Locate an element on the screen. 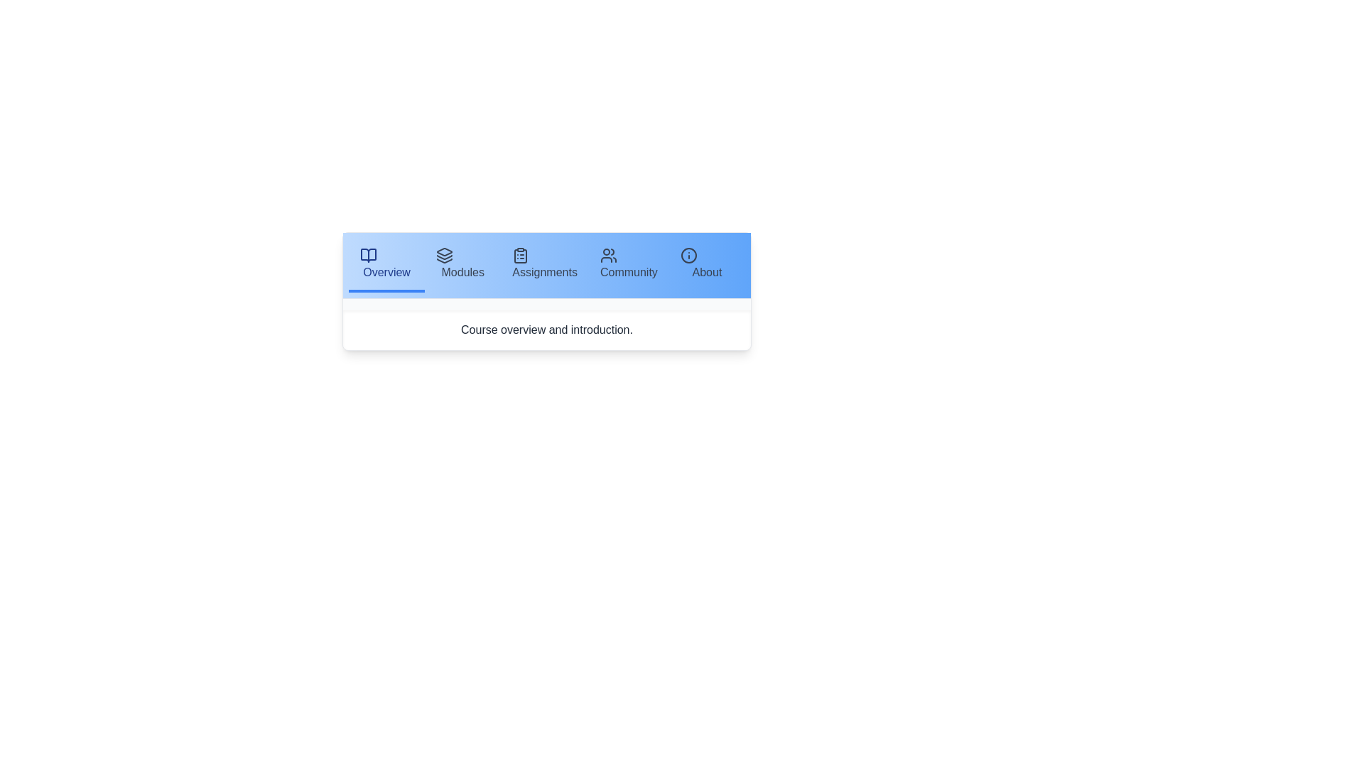  the 'Assignments' icon in the navigation menu is located at coordinates (520, 256).